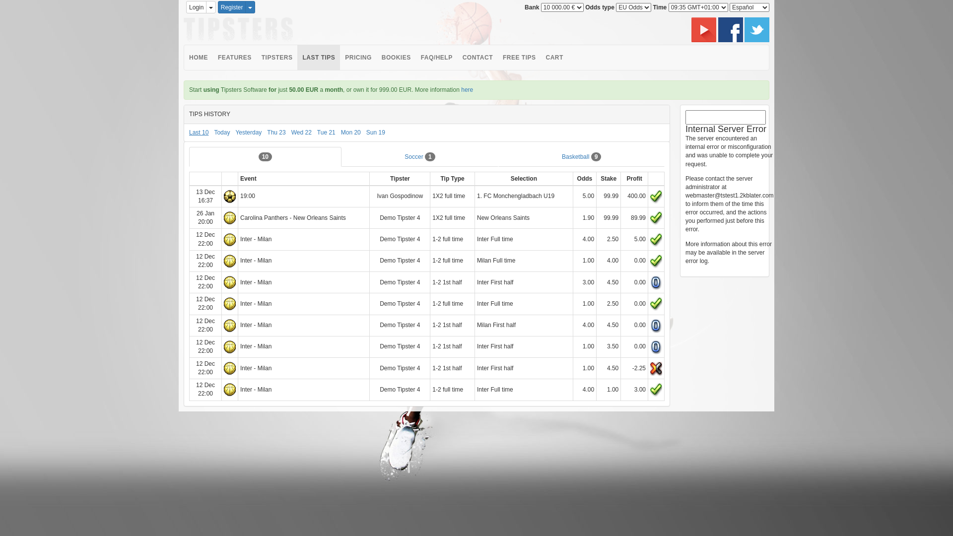 This screenshot has height=536, width=953. I want to click on 'Toggle Dropdown', so click(210, 7).